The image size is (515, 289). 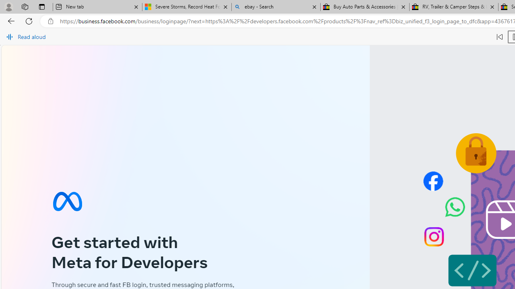 What do you see at coordinates (365, 7) in the screenshot?
I see `'Buy Auto Parts & Accessories | eBay'` at bounding box center [365, 7].